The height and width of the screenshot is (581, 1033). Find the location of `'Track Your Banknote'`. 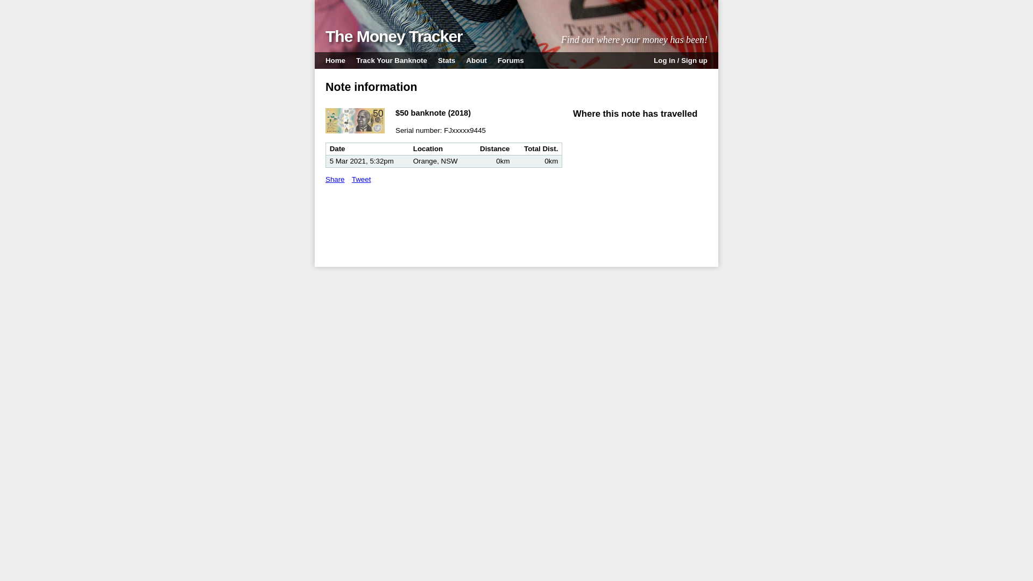

'Track Your Banknote' is located at coordinates (391, 60).